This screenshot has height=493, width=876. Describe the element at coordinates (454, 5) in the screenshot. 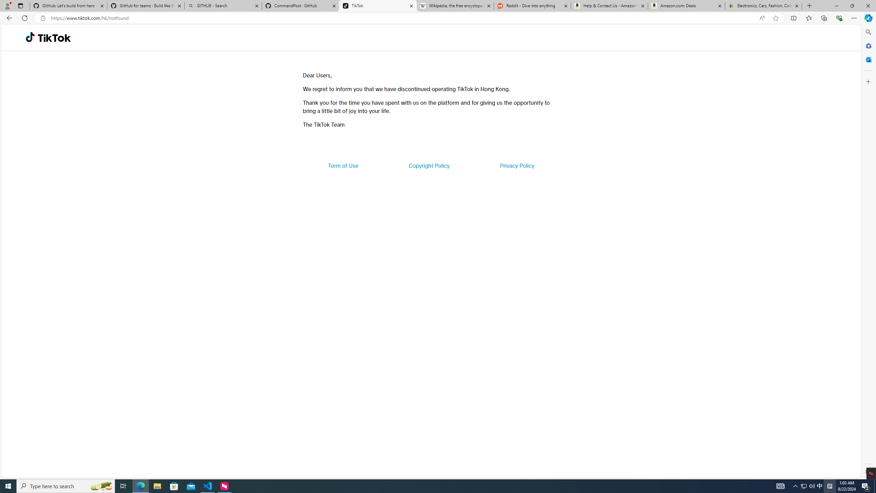

I see `'Wikipedia, the free encyclopedia'` at that location.